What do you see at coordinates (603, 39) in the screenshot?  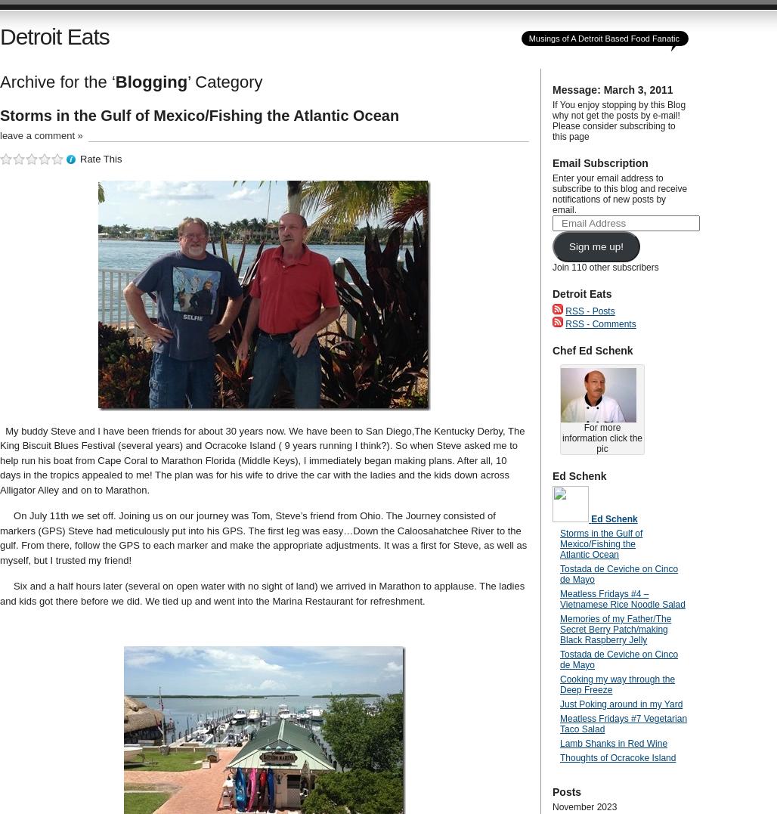 I see `'Musings of A Detroit Based Food Fanatic'` at bounding box center [603, 39].